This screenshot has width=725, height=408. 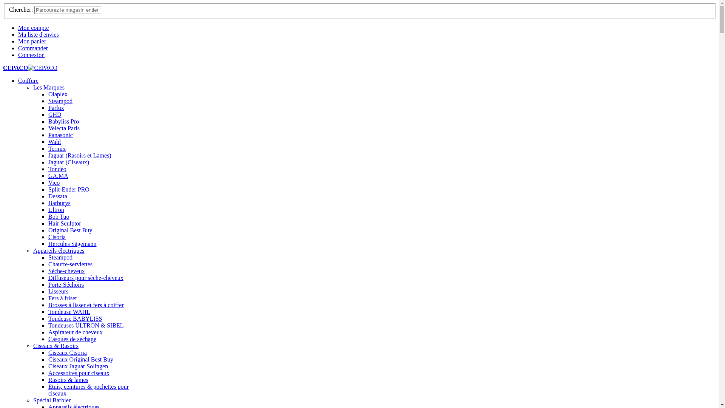 What do you see at coordinates (54, 142) in the screenshot?
I see `'Wahl'` at bounding box center [54, 142].